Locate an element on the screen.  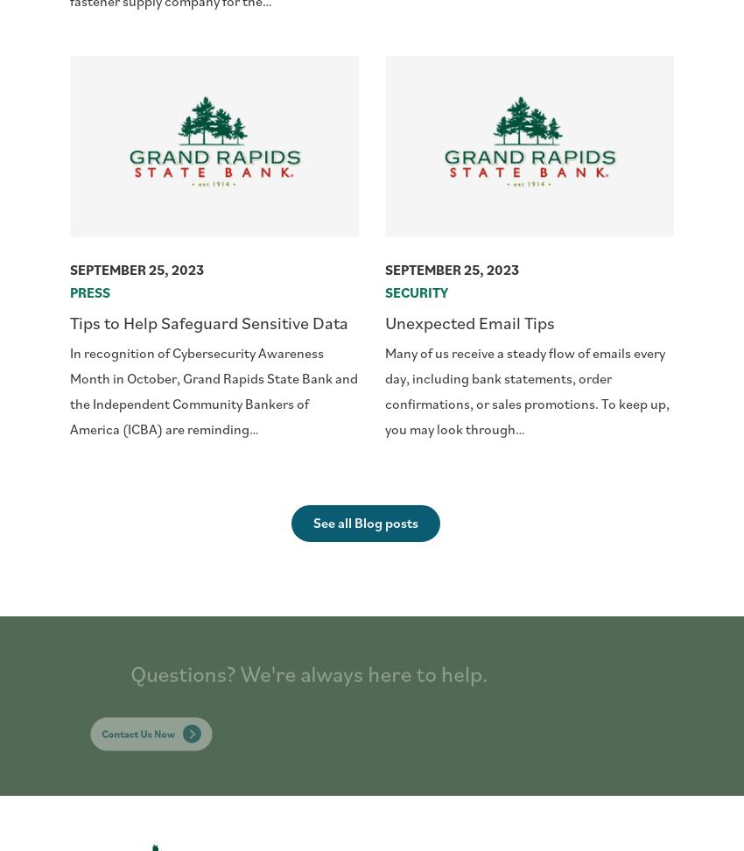
'See all Blog posts' is located at coordinates (312, 521).